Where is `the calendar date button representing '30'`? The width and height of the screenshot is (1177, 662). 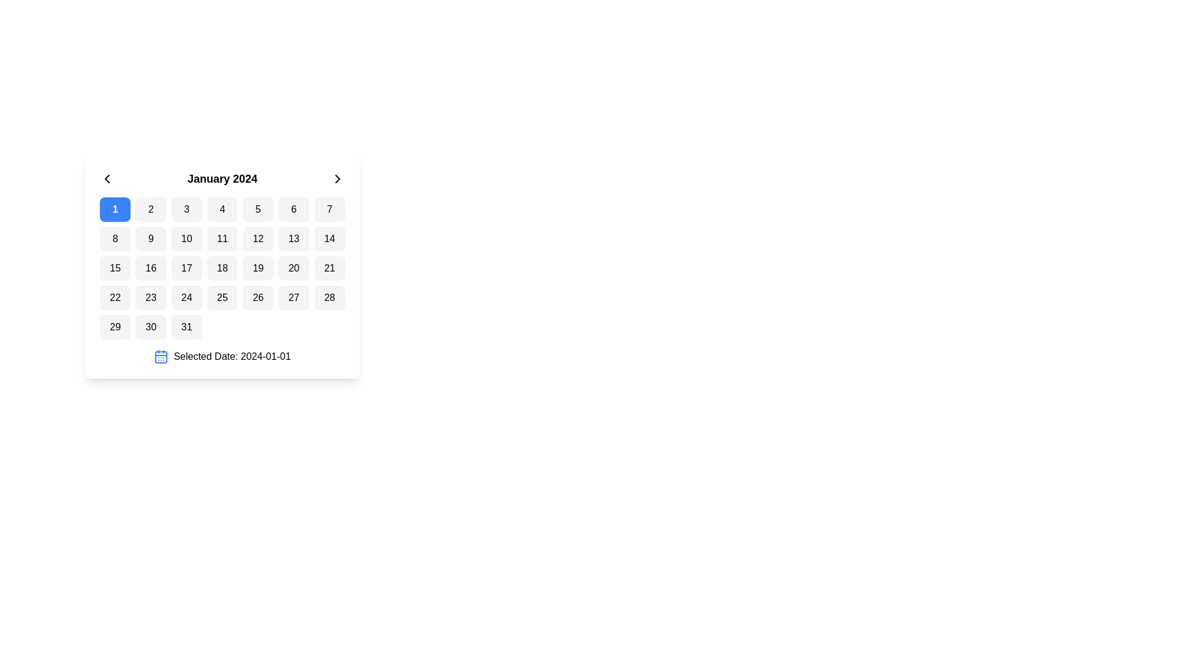
the calendar date button representing '30' is located at coordinates (150, 326).